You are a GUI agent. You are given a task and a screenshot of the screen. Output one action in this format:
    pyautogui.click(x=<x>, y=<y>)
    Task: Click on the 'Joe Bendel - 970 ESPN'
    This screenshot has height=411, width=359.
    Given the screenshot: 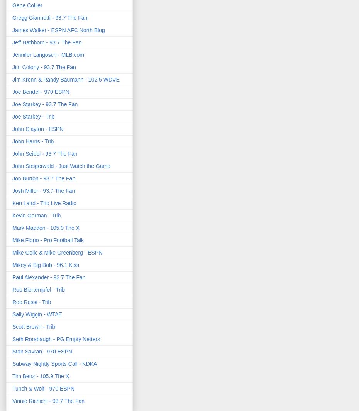 What is the action you would take?
    pyautogui.click(x=12, y=91)
    